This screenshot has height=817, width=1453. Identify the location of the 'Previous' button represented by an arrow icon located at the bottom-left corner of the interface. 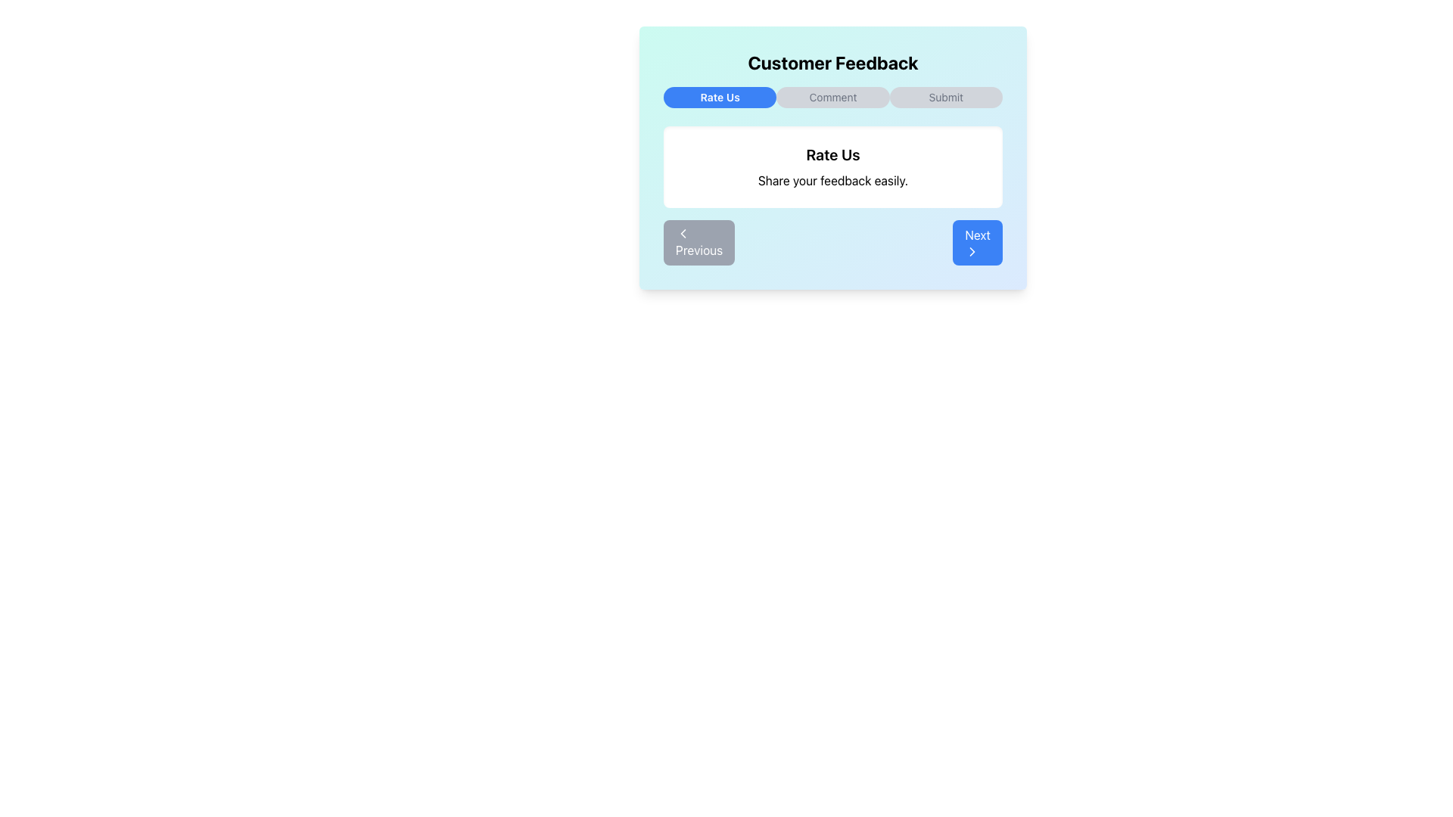
(682, 233).